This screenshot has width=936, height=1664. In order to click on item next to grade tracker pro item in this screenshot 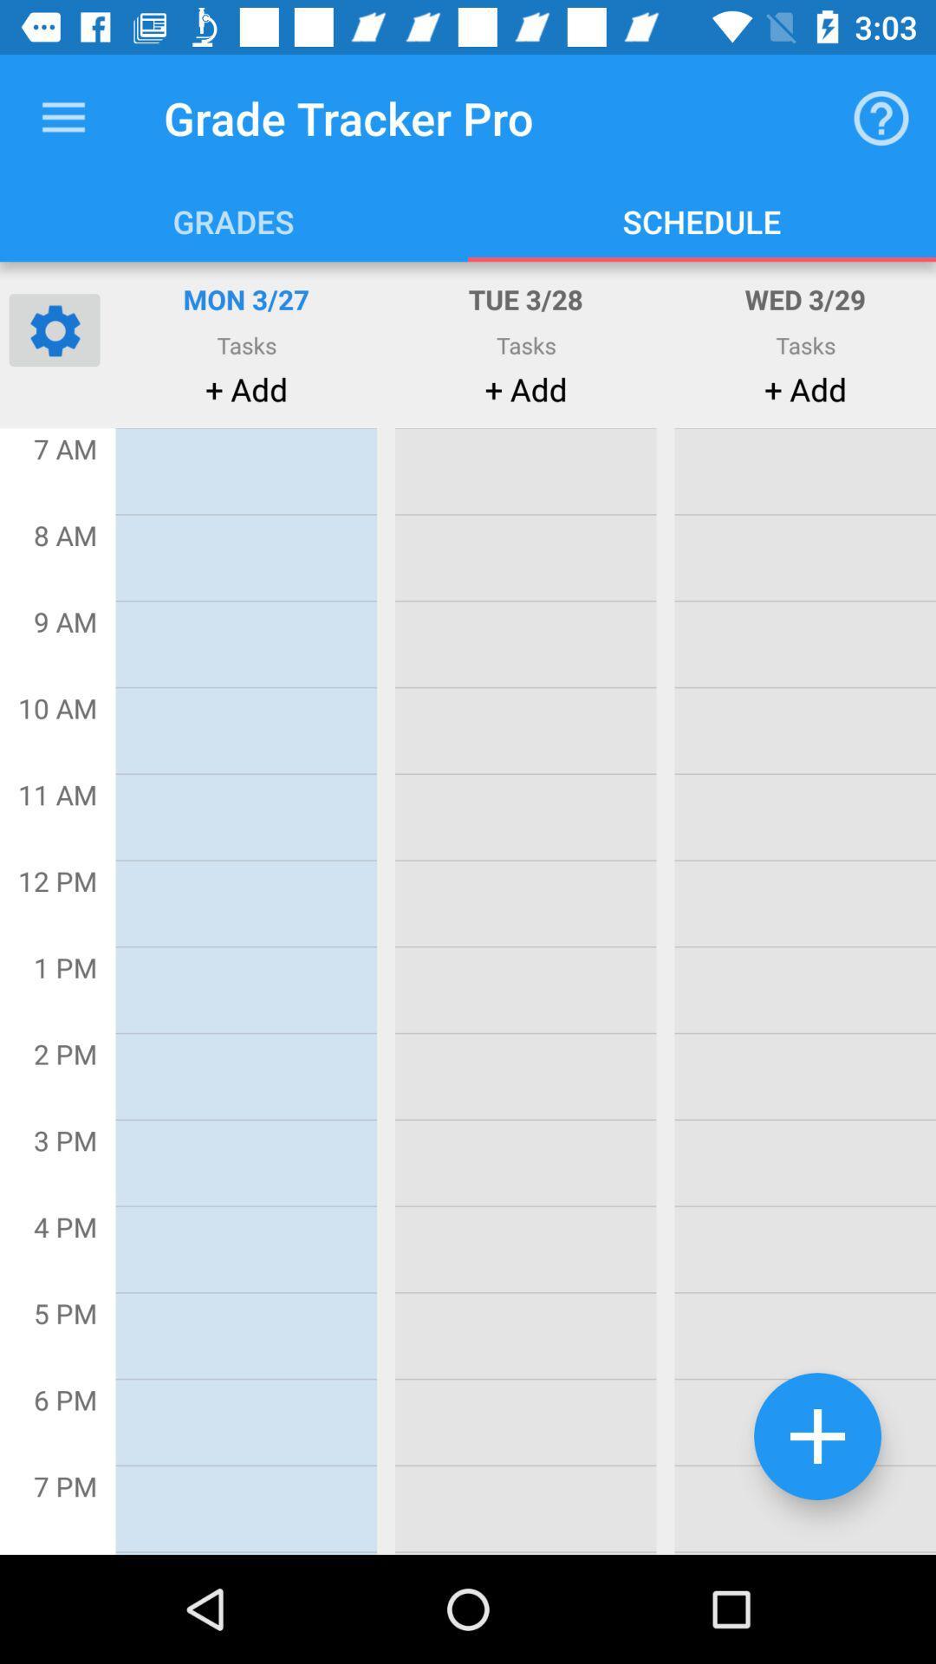, I will do `click(62, 117)`.